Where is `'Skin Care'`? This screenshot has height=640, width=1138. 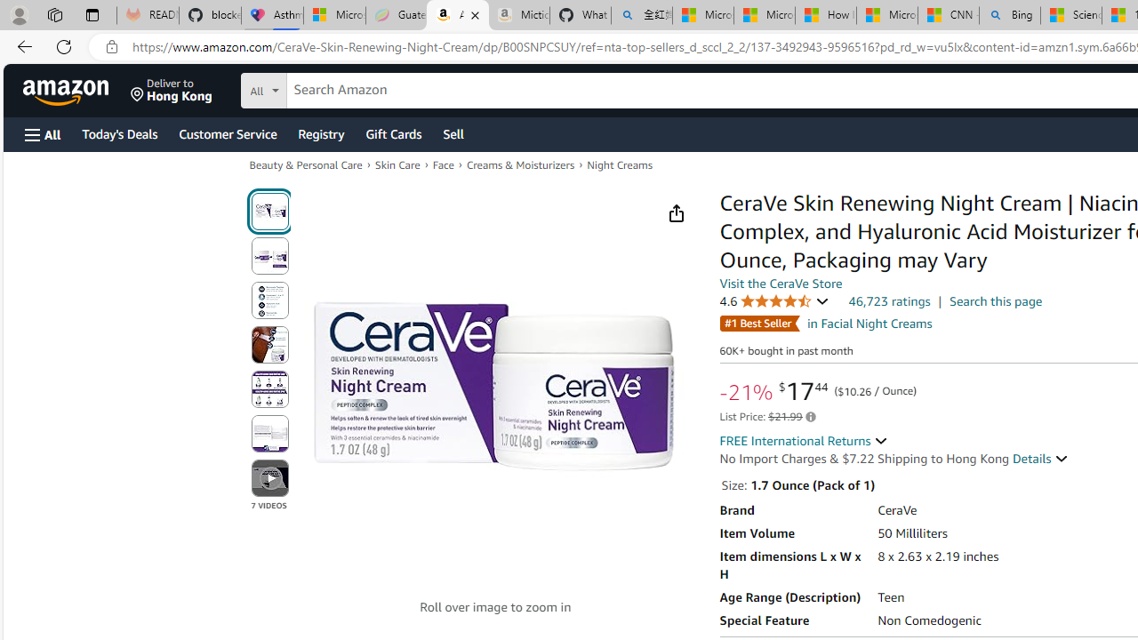
'Skin Care' is located at coordinates (397, 165).